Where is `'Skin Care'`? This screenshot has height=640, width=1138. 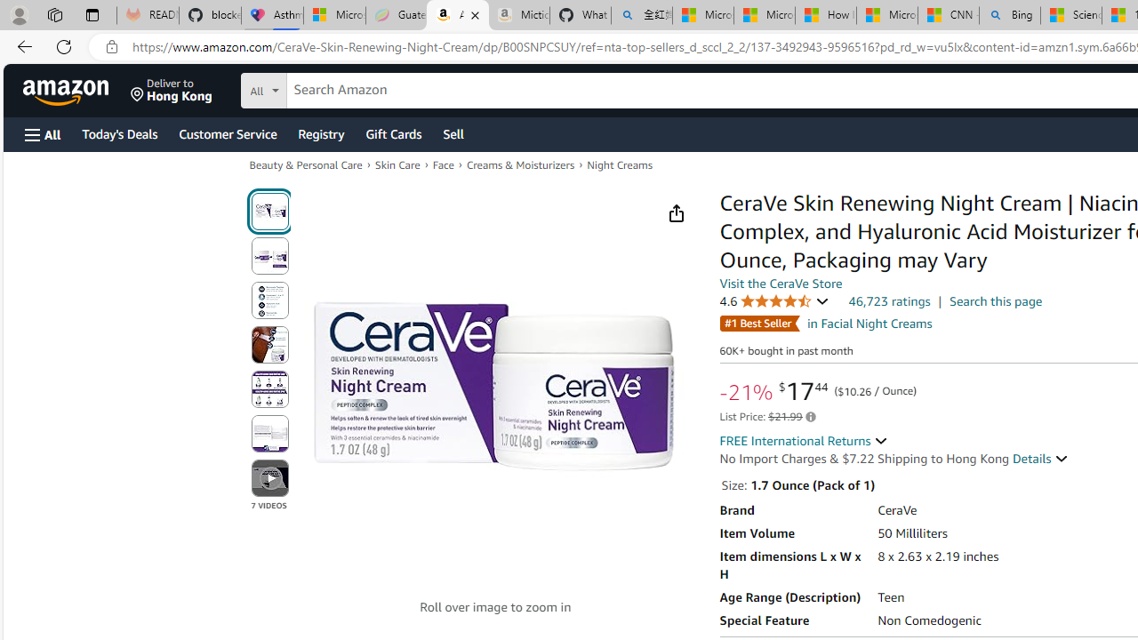
'Skin Care' is located at coordinates (397, 165).